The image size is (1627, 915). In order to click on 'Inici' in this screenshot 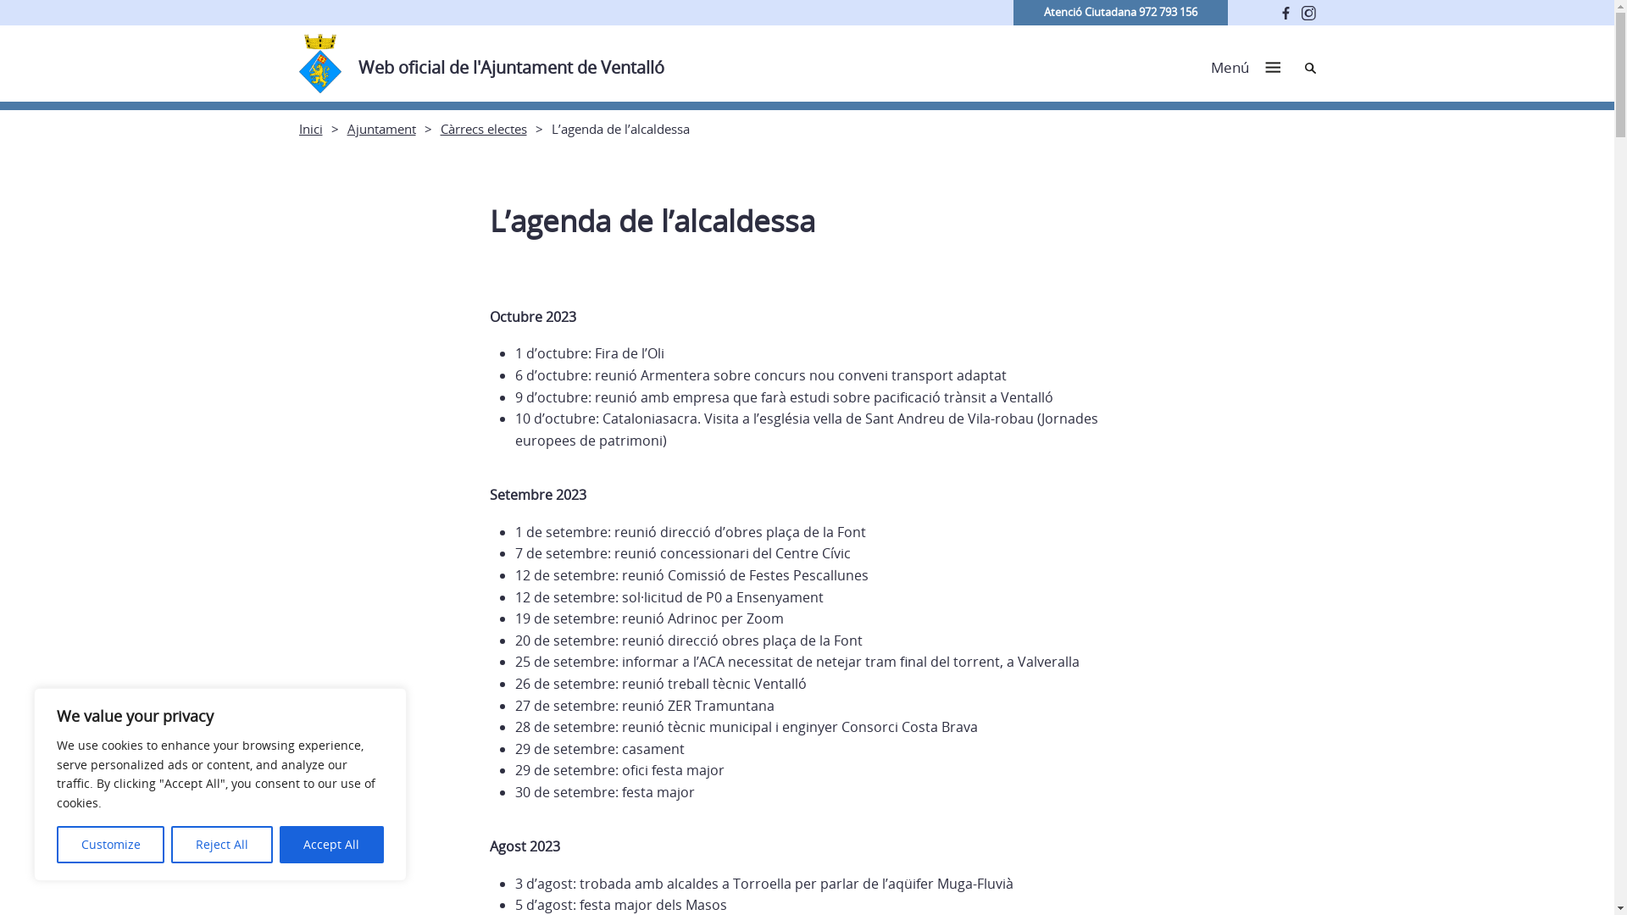, I will do `click(309, 127)`.